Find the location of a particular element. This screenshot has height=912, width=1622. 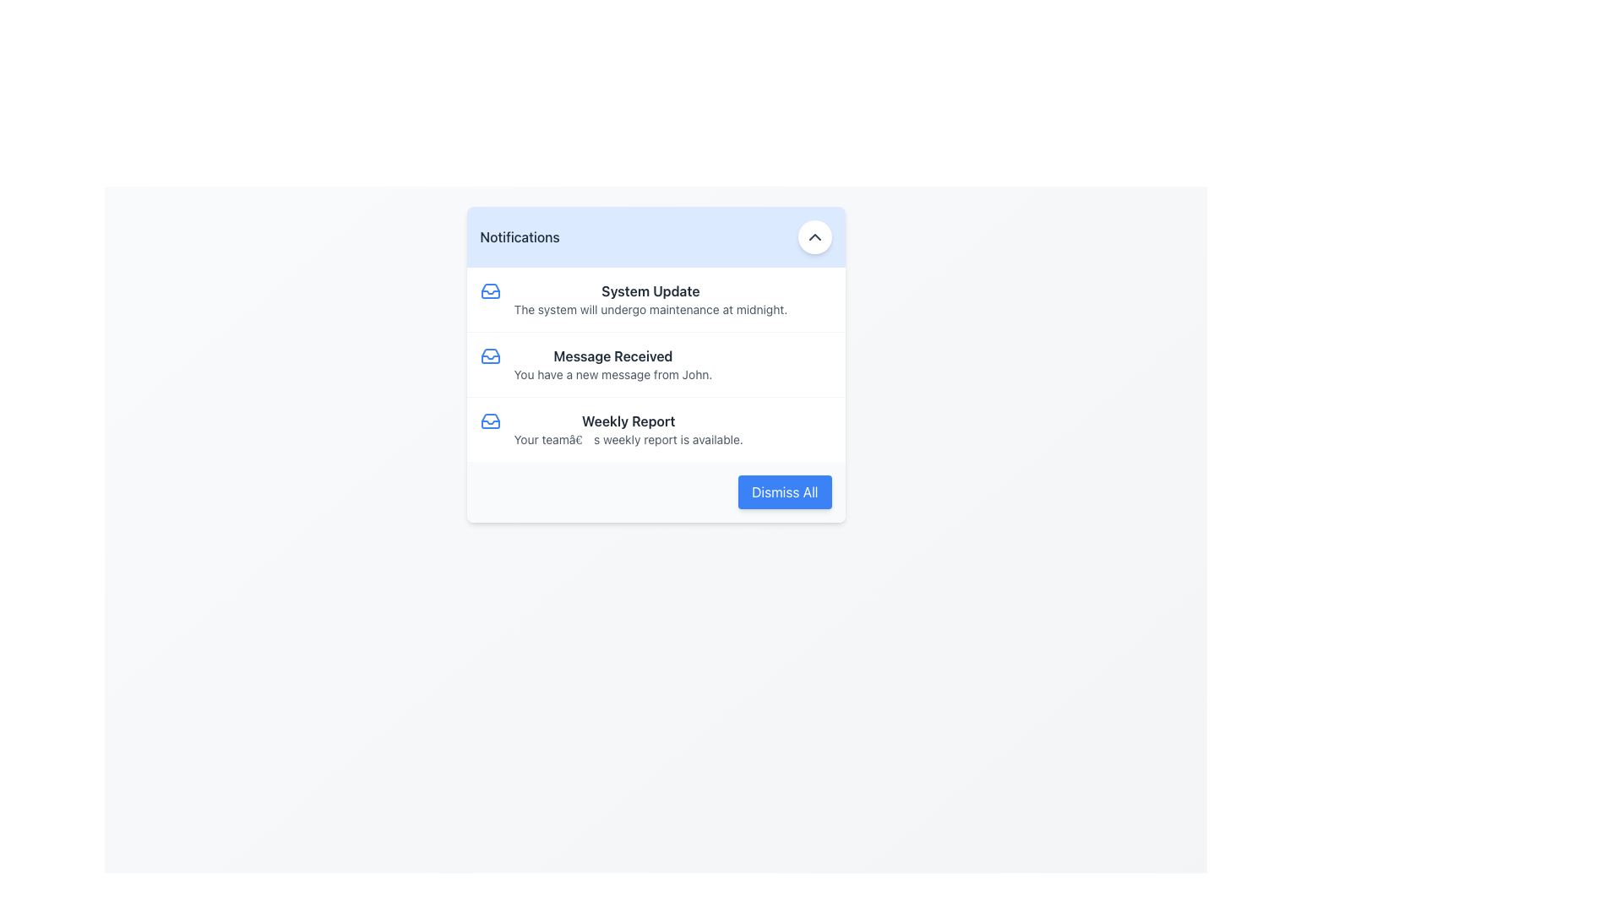

the dismiss button at the bottom-right corner of the notification panel is located at coordinates (784, 491).